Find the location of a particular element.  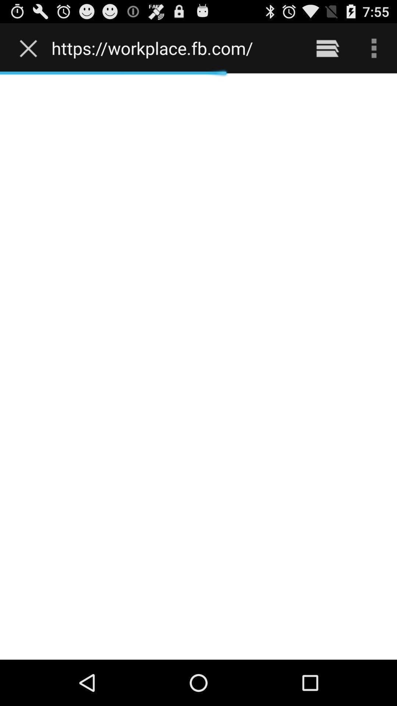

item next to https workplace fb item is located at coordinates (30, 48).